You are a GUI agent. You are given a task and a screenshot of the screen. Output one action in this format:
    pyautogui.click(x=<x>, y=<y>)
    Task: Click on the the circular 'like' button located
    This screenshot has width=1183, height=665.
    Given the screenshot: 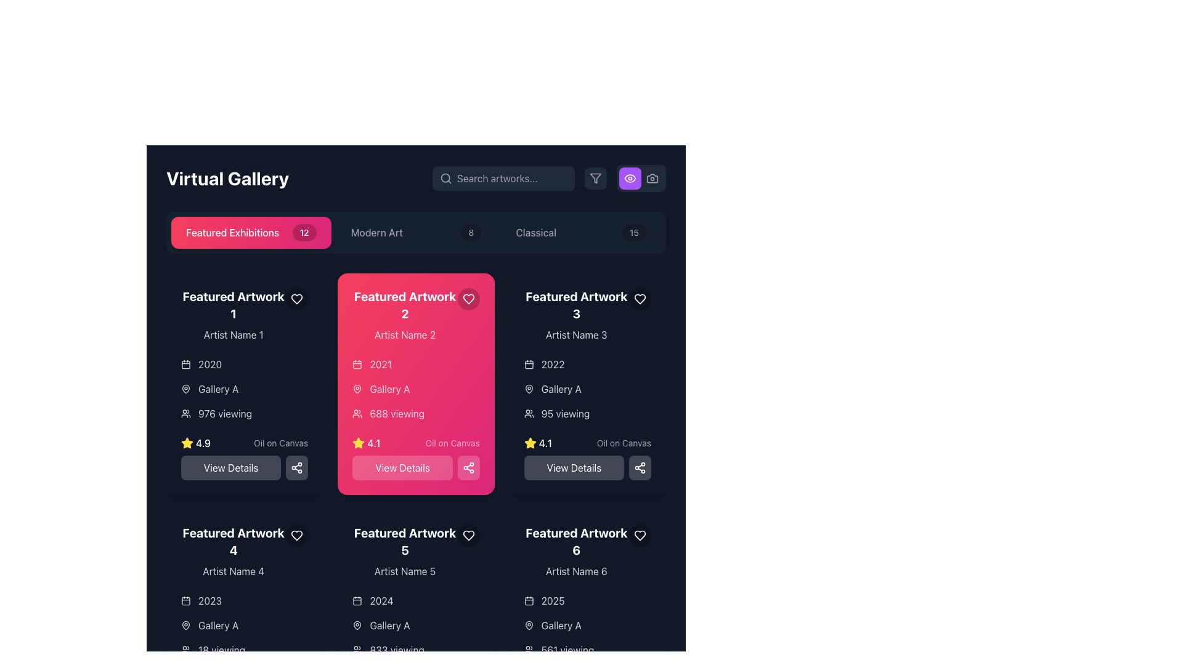 What is the action you would take?
    pyautogui.click(x=640, y=299)
    